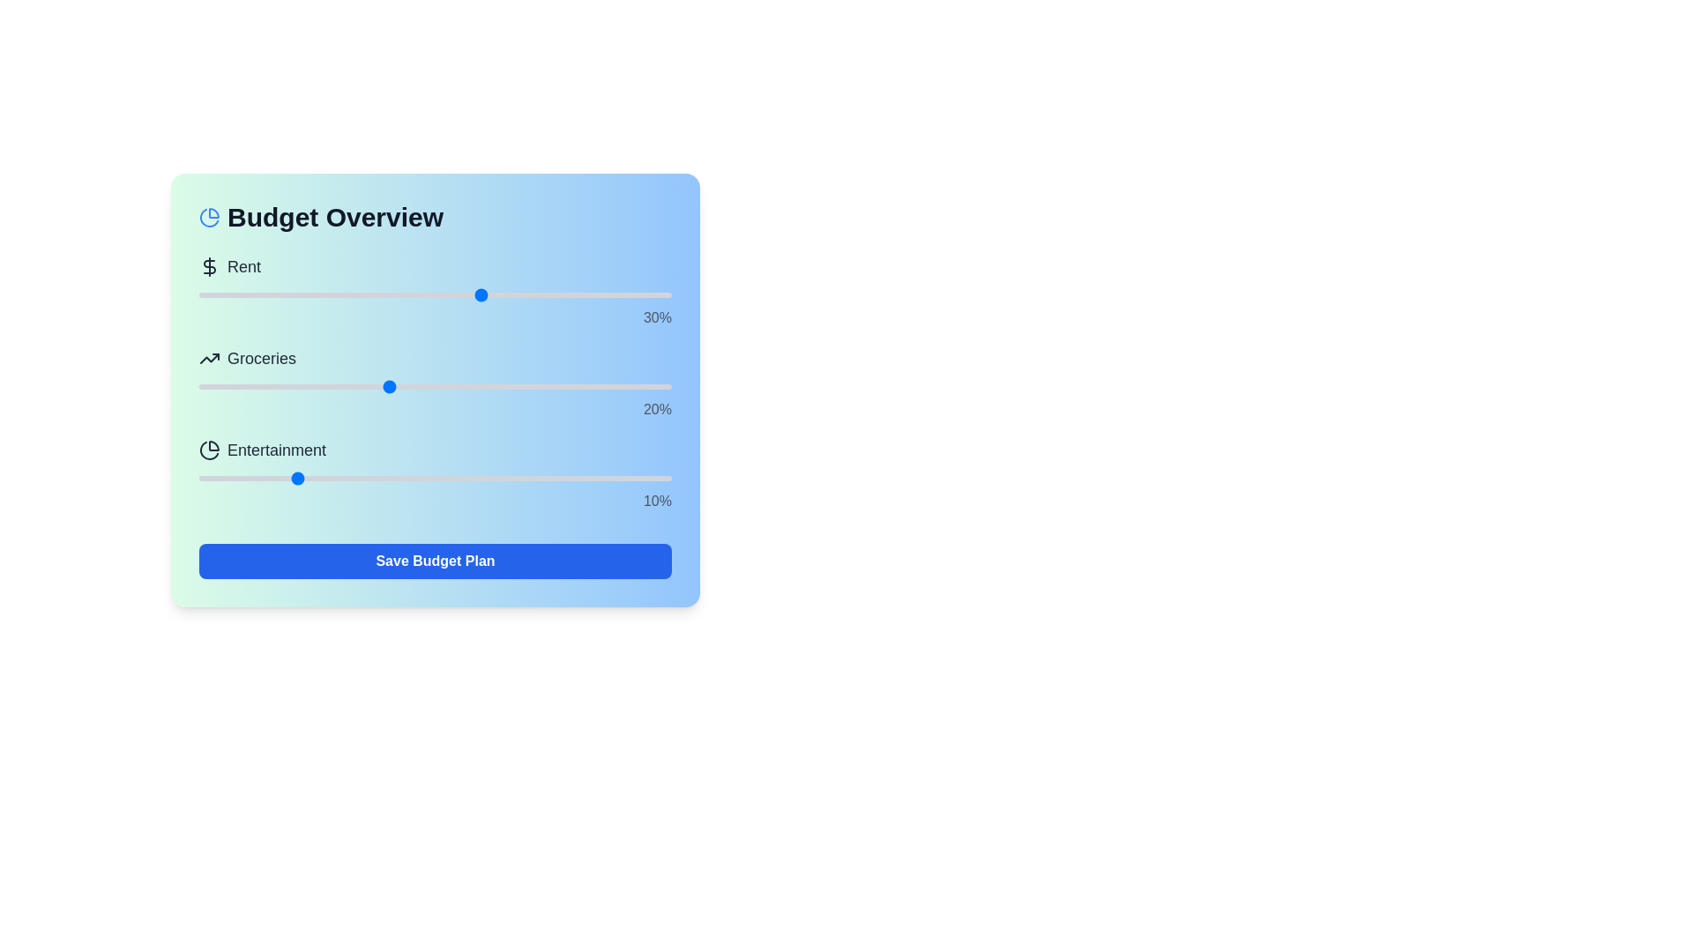  What do you see at coordinates (210, 358) in the screenshot?
I see `the Vector Polyline Element that visually represents upward trends within the SVG graphic of the 'trending up' icon` at bounding box center [210, 358].